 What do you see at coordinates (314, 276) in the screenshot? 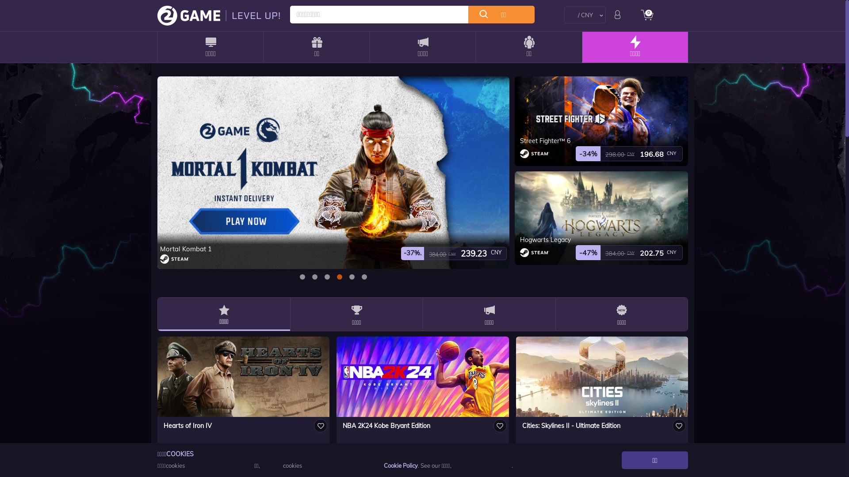
I see `'1'` at bounding box center [314, 276].